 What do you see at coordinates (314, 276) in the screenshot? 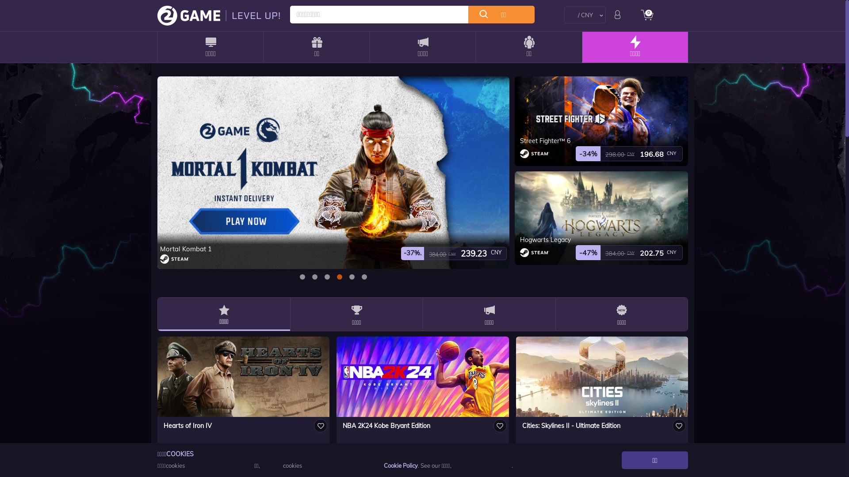
I see `'1'` at bounding box center [314, 276].